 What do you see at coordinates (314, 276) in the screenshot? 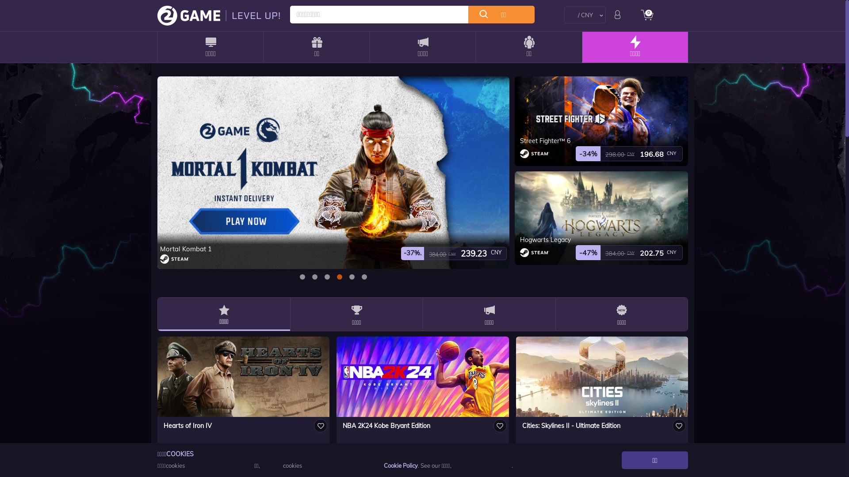
I see `'1'` at bounding box center [314, 276].